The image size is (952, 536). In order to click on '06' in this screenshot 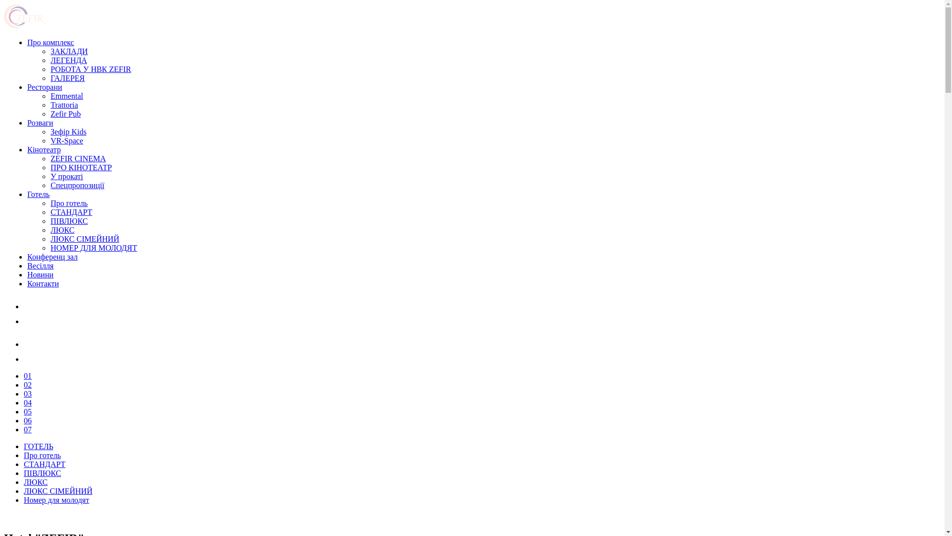, I will do `click(28, 420)`.